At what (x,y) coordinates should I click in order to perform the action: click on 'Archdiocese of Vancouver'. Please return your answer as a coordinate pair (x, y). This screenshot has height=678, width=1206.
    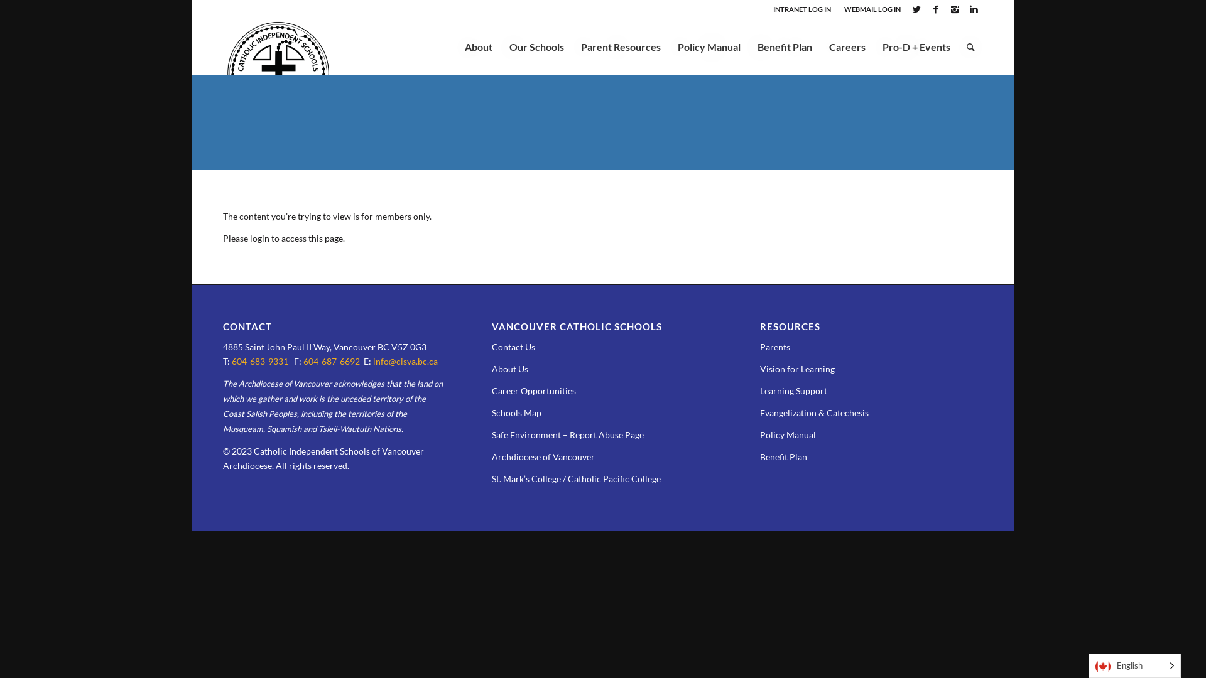
    Looking at the image, I should click on (491, 456).